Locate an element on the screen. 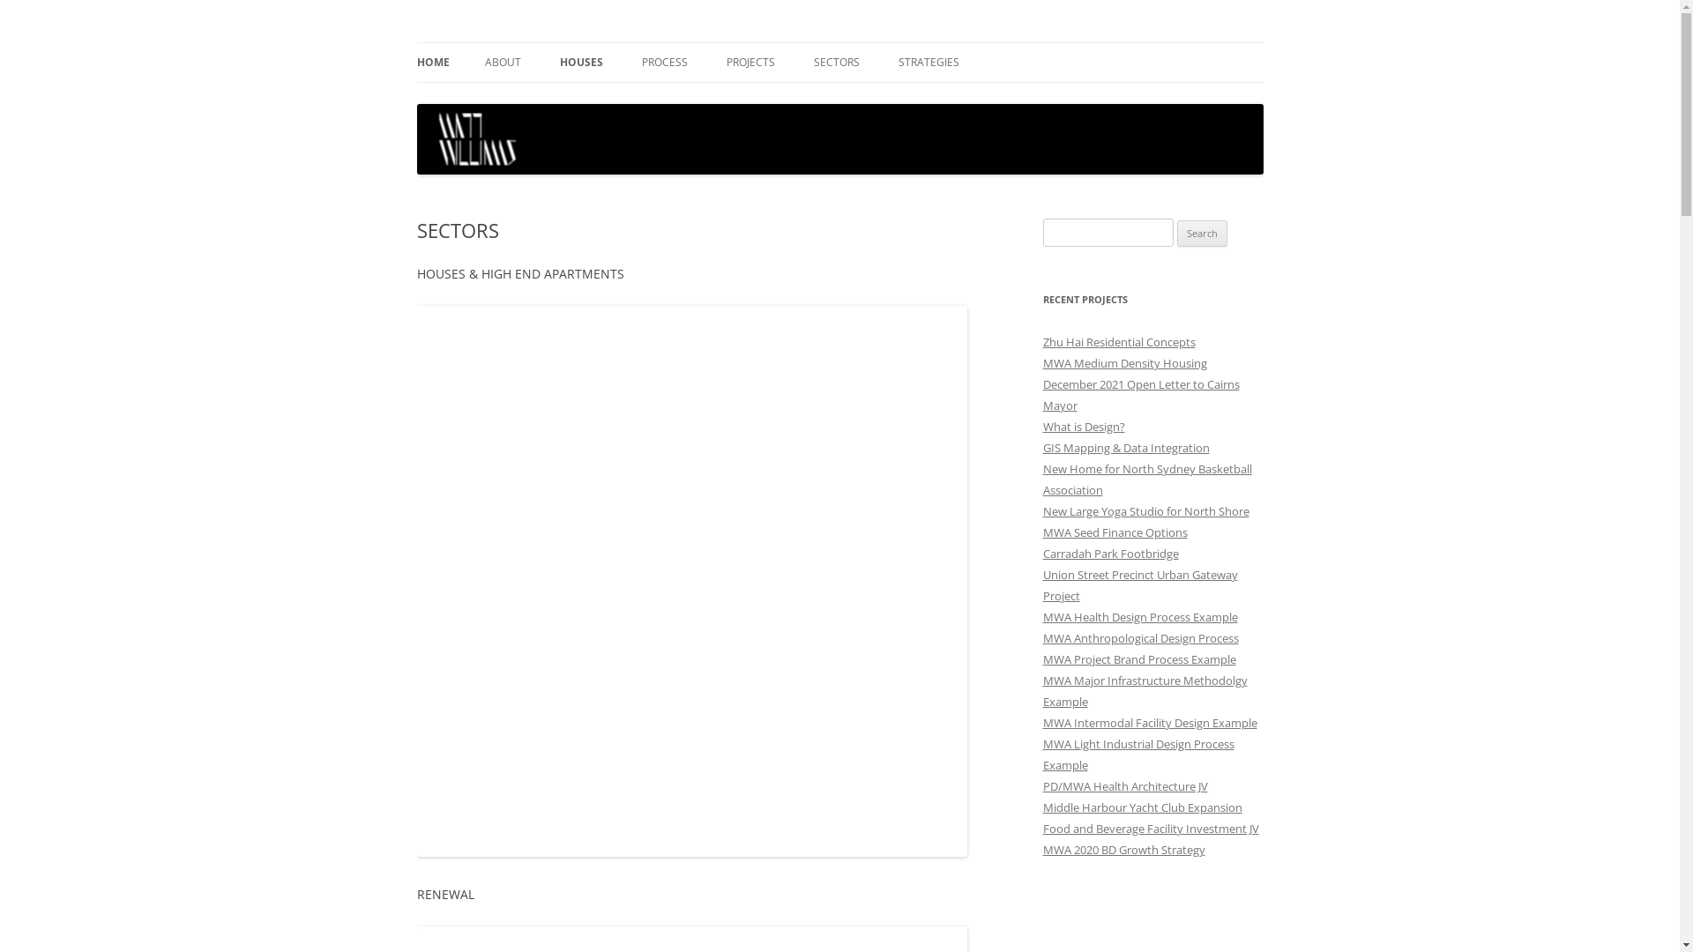 Image resolution: width=1693 pixels, height=952 pixels. 'MWA Intermodal Facility Design Example' is located at coordinates (1149, 723).